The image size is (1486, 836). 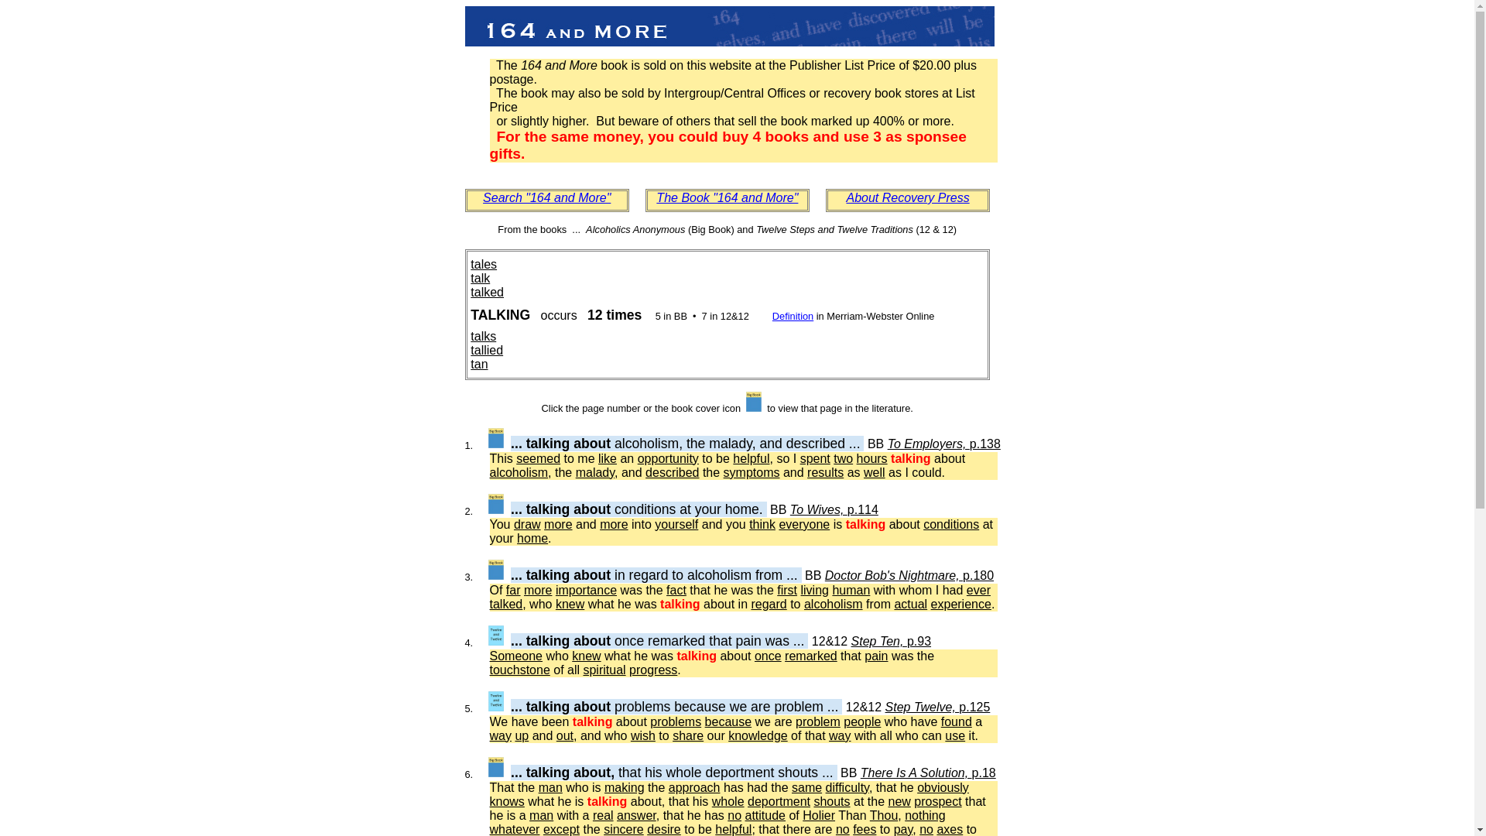 I want to click on 'View BB p.180', so click(x=496, y=570).